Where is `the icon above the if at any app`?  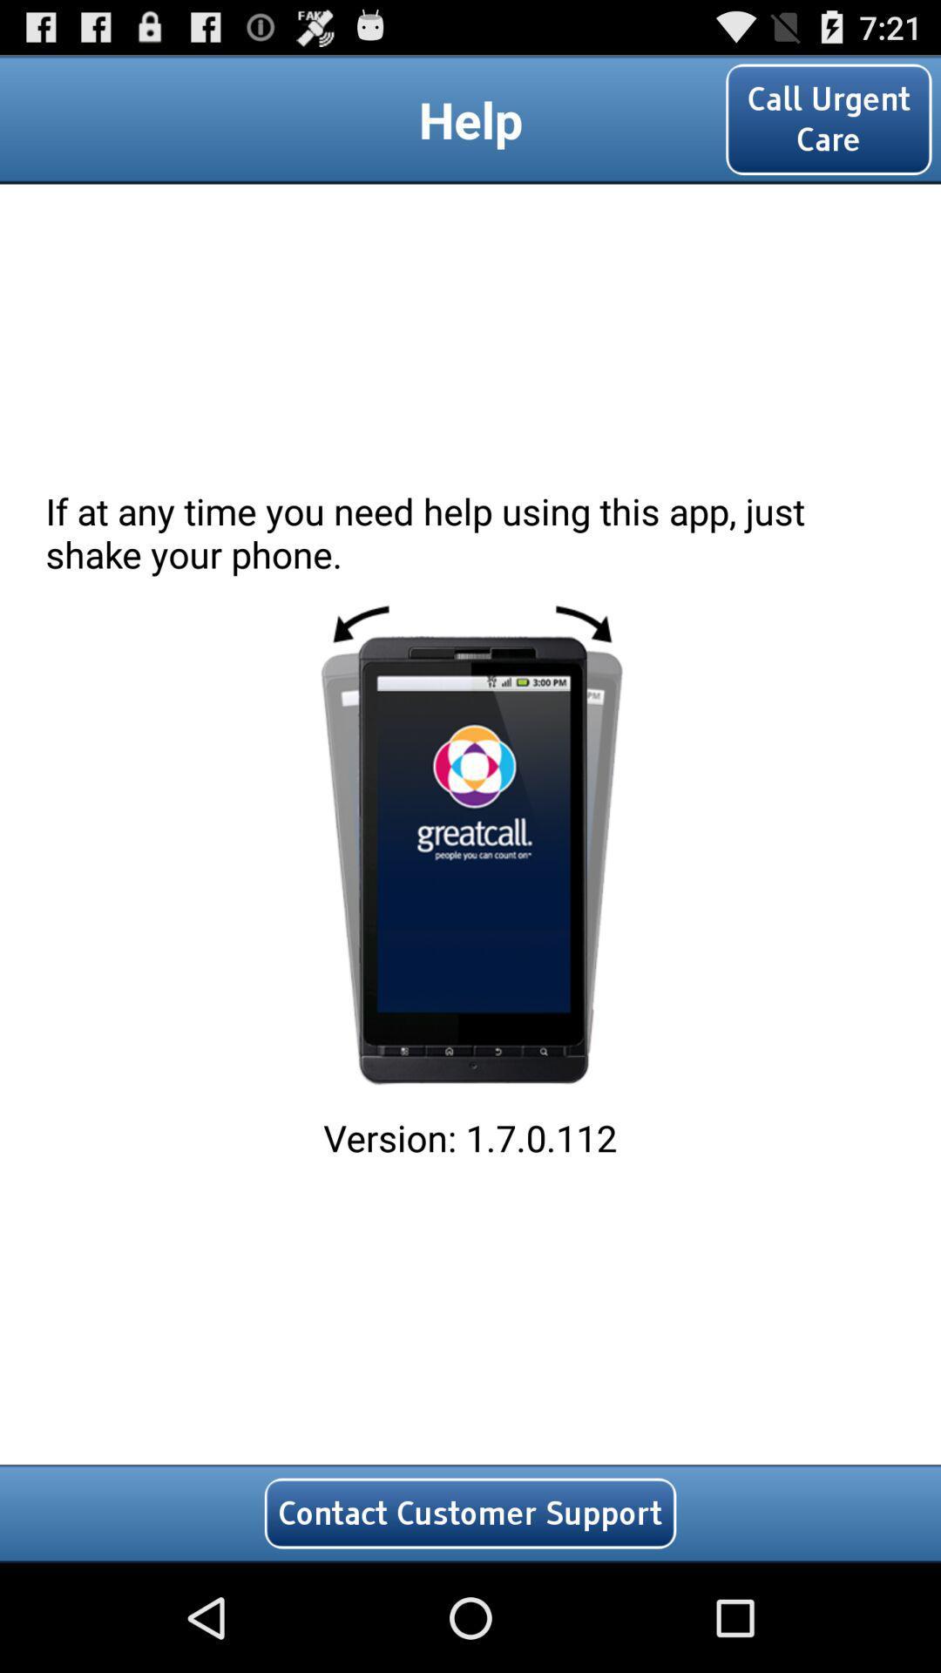 the icon above the if at any app is located at coordinates (828, 119).